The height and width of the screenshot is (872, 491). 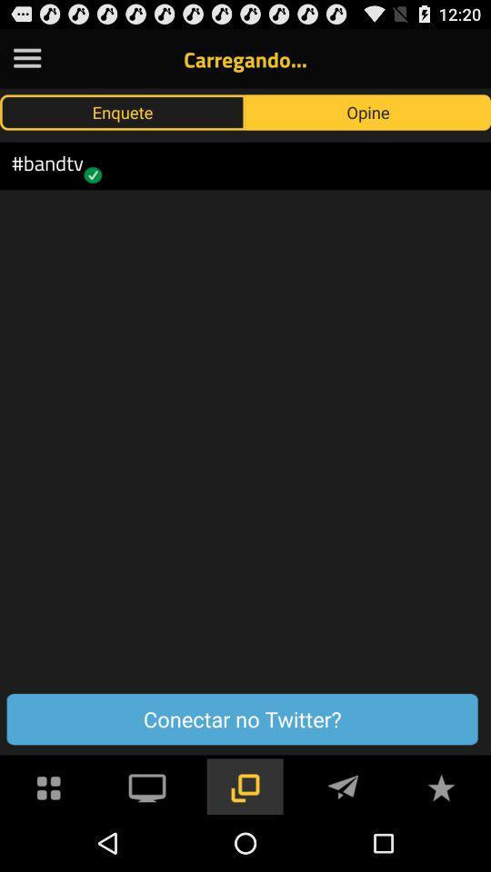 What do you see at coordinates (440, 785) in the screenshot?
I see `the icon below conectar no twitter? button` at bounding box center [440, 785].